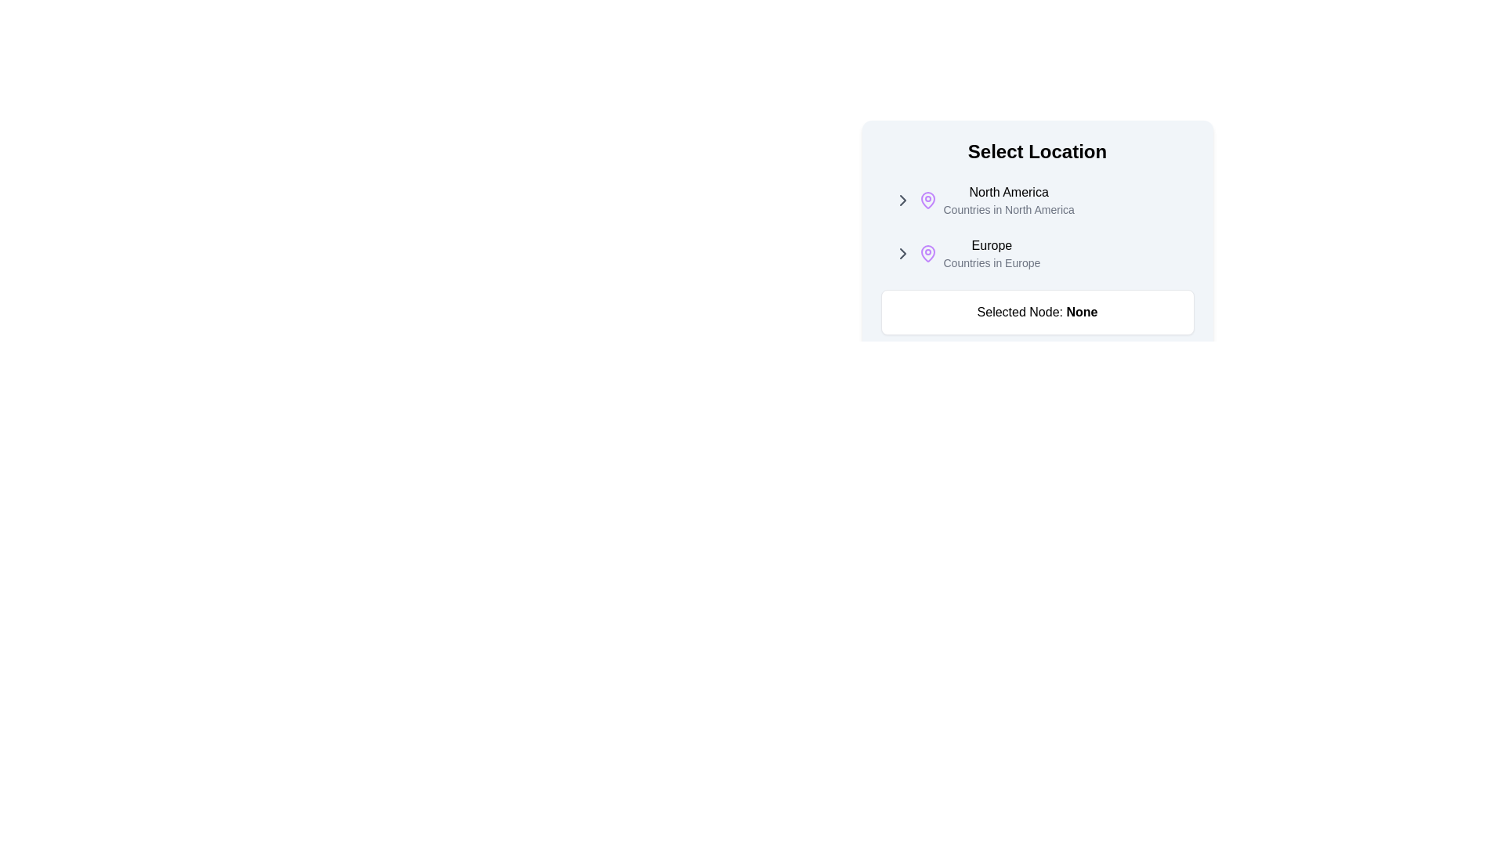  What do you see at coordinates (927, 199) in the screenshot?
I see `the vivid purple map pin icon, which is positioned to the left of the 'North America' label in the flexbox layout, ensuring the pointer is directed at its center` at bounding box center [927, 199].